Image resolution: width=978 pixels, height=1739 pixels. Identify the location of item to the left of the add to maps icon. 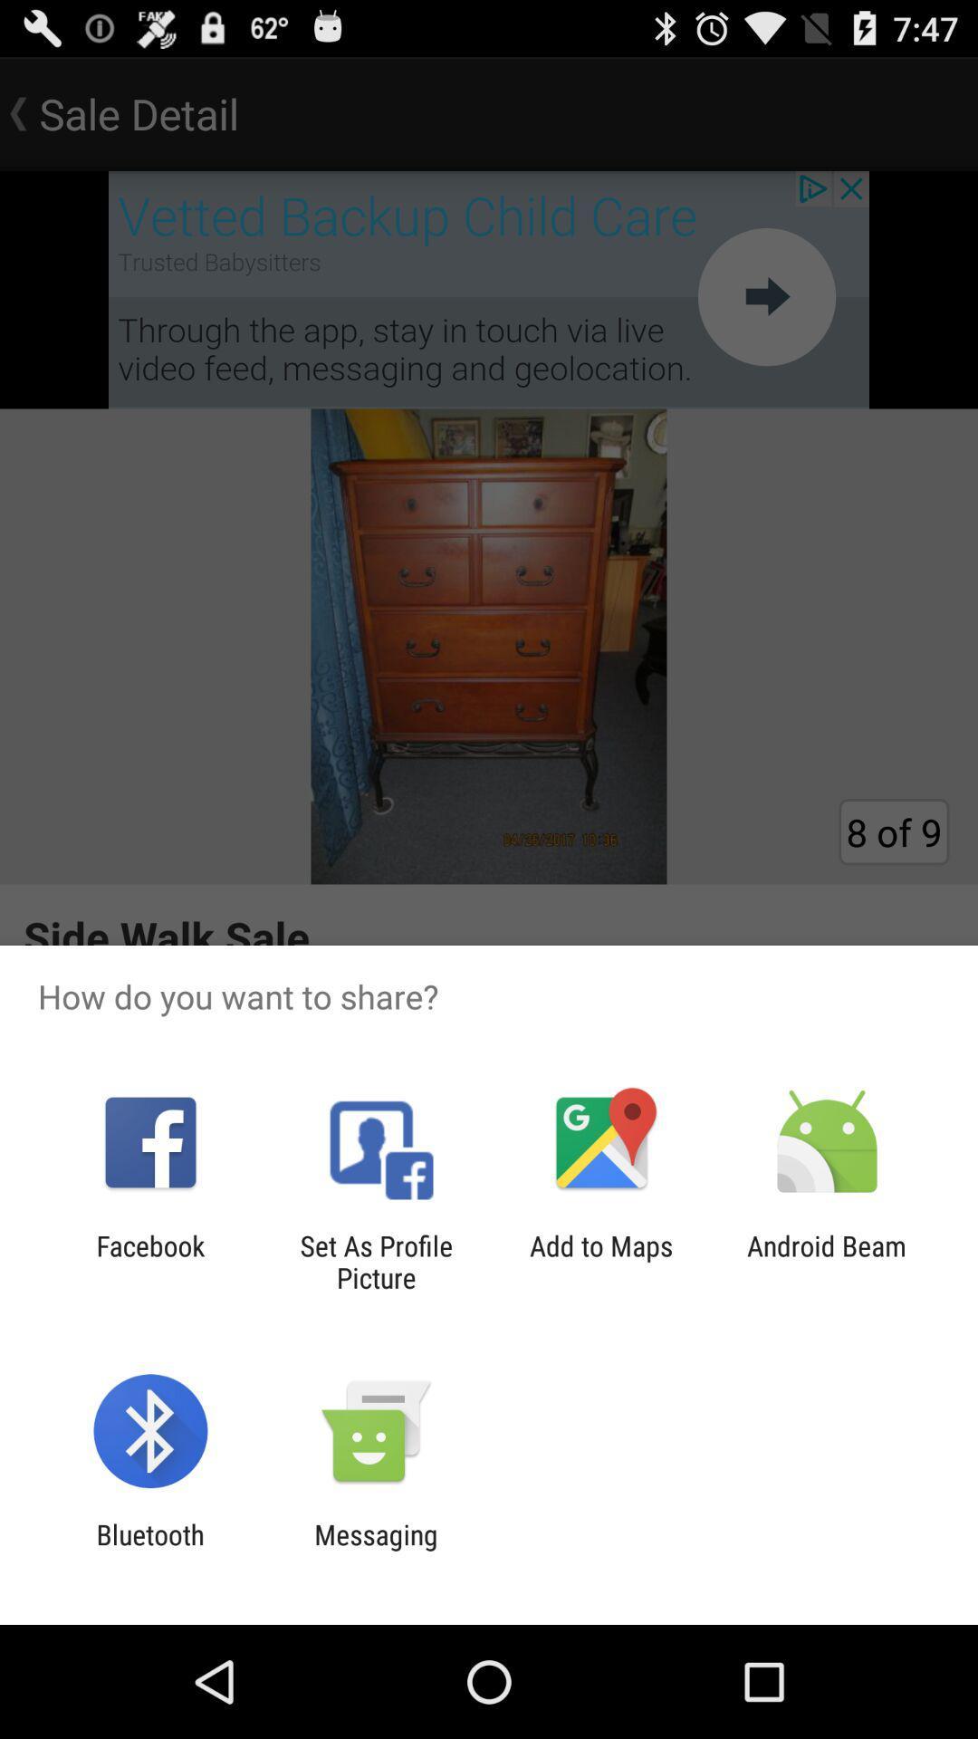
(375, 1261).